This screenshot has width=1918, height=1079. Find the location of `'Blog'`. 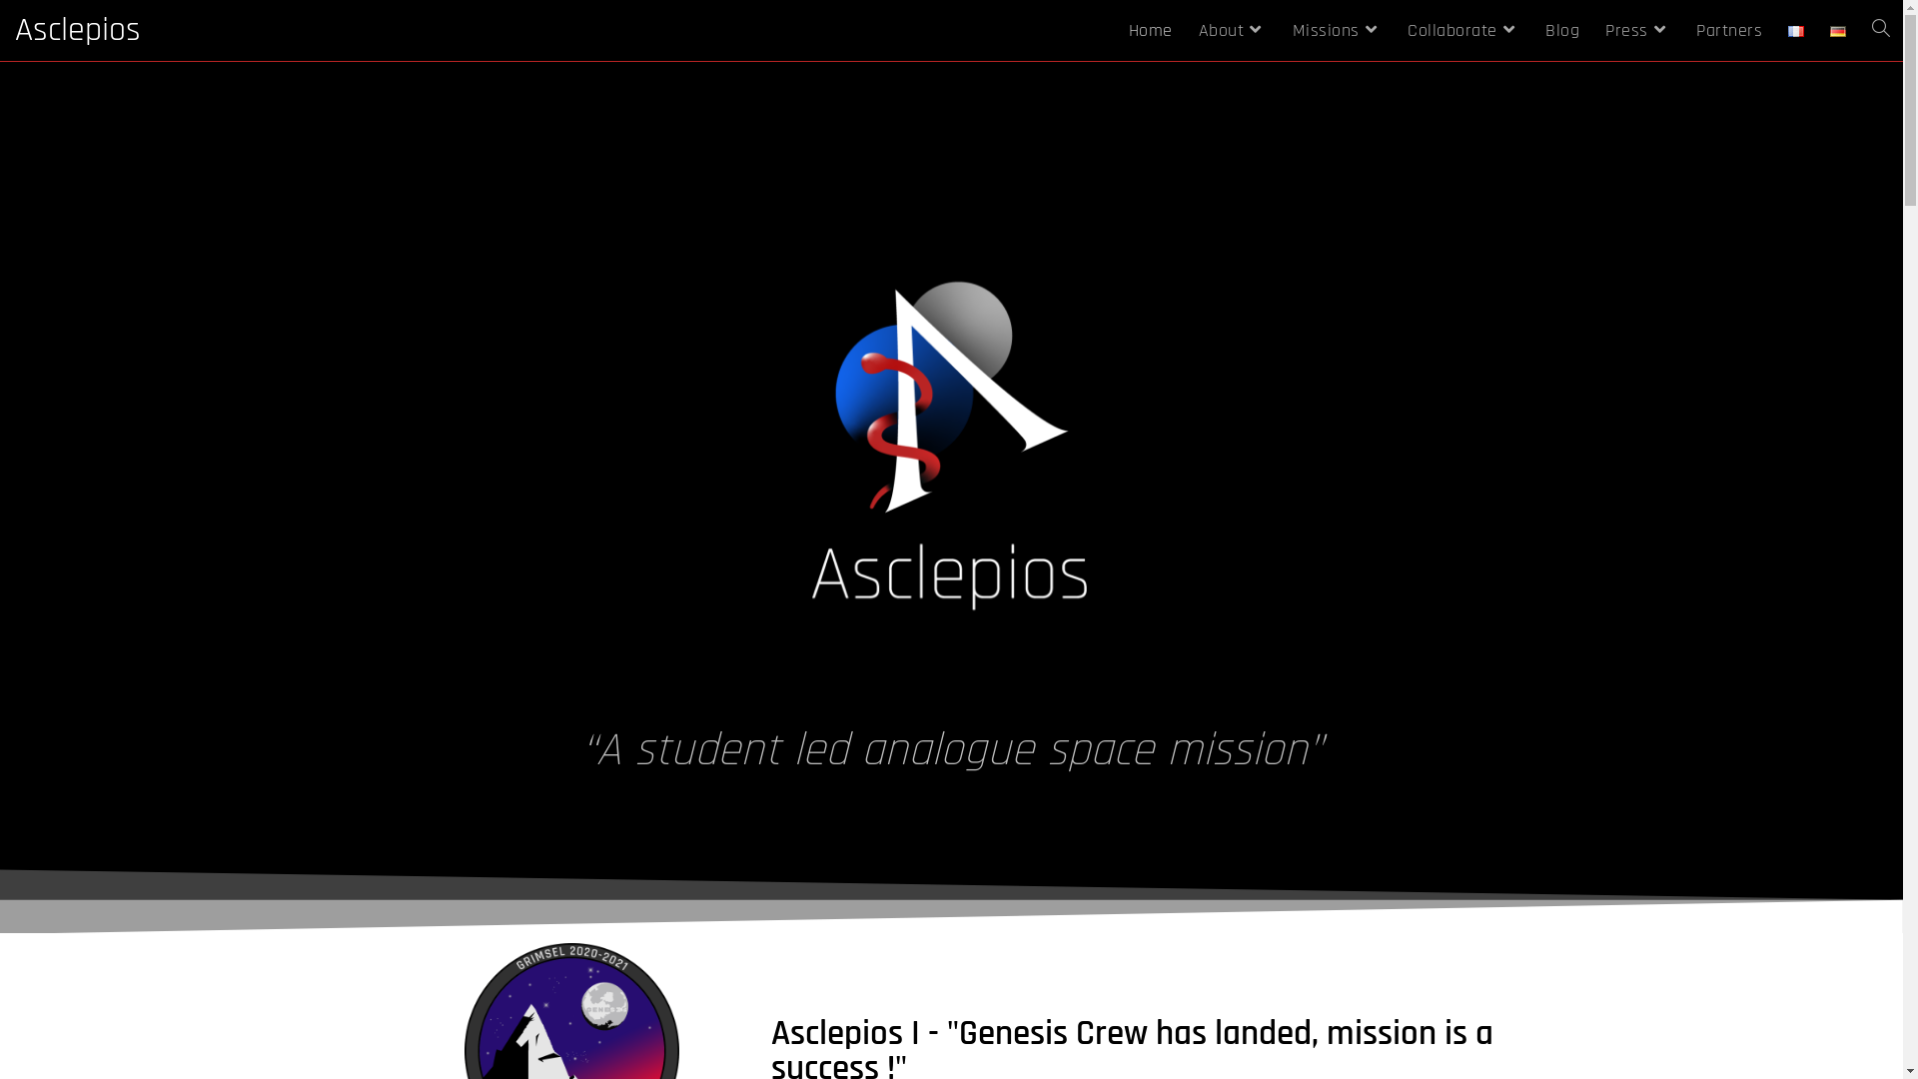

'Blog' is located at coordinates (1561, 30).